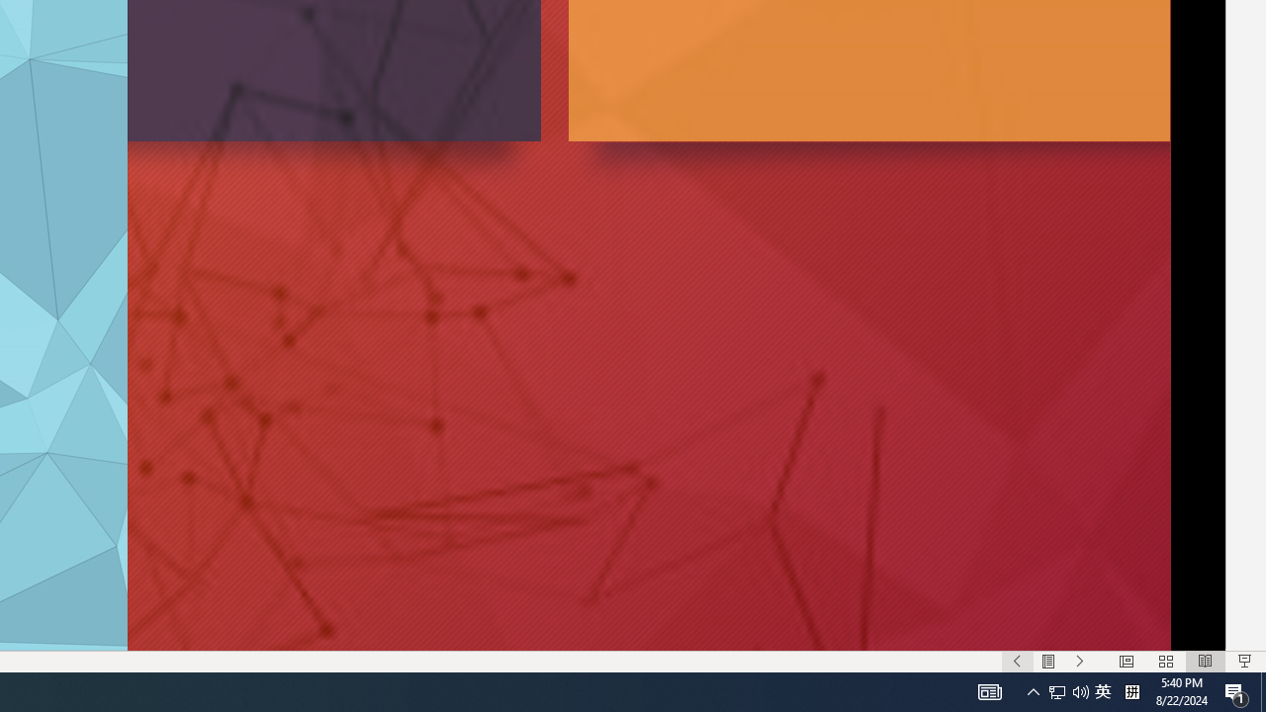  I want to click on 'Slide Show Next On', so click(1079, 662).